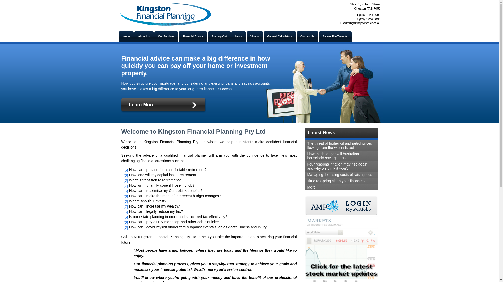 This screenshot has height=282, width=503. What do you see at coordinates (341, 181) in the screenshot?
I see `'Time to Spring clean your finances?'` at bounding box center [341, 181].